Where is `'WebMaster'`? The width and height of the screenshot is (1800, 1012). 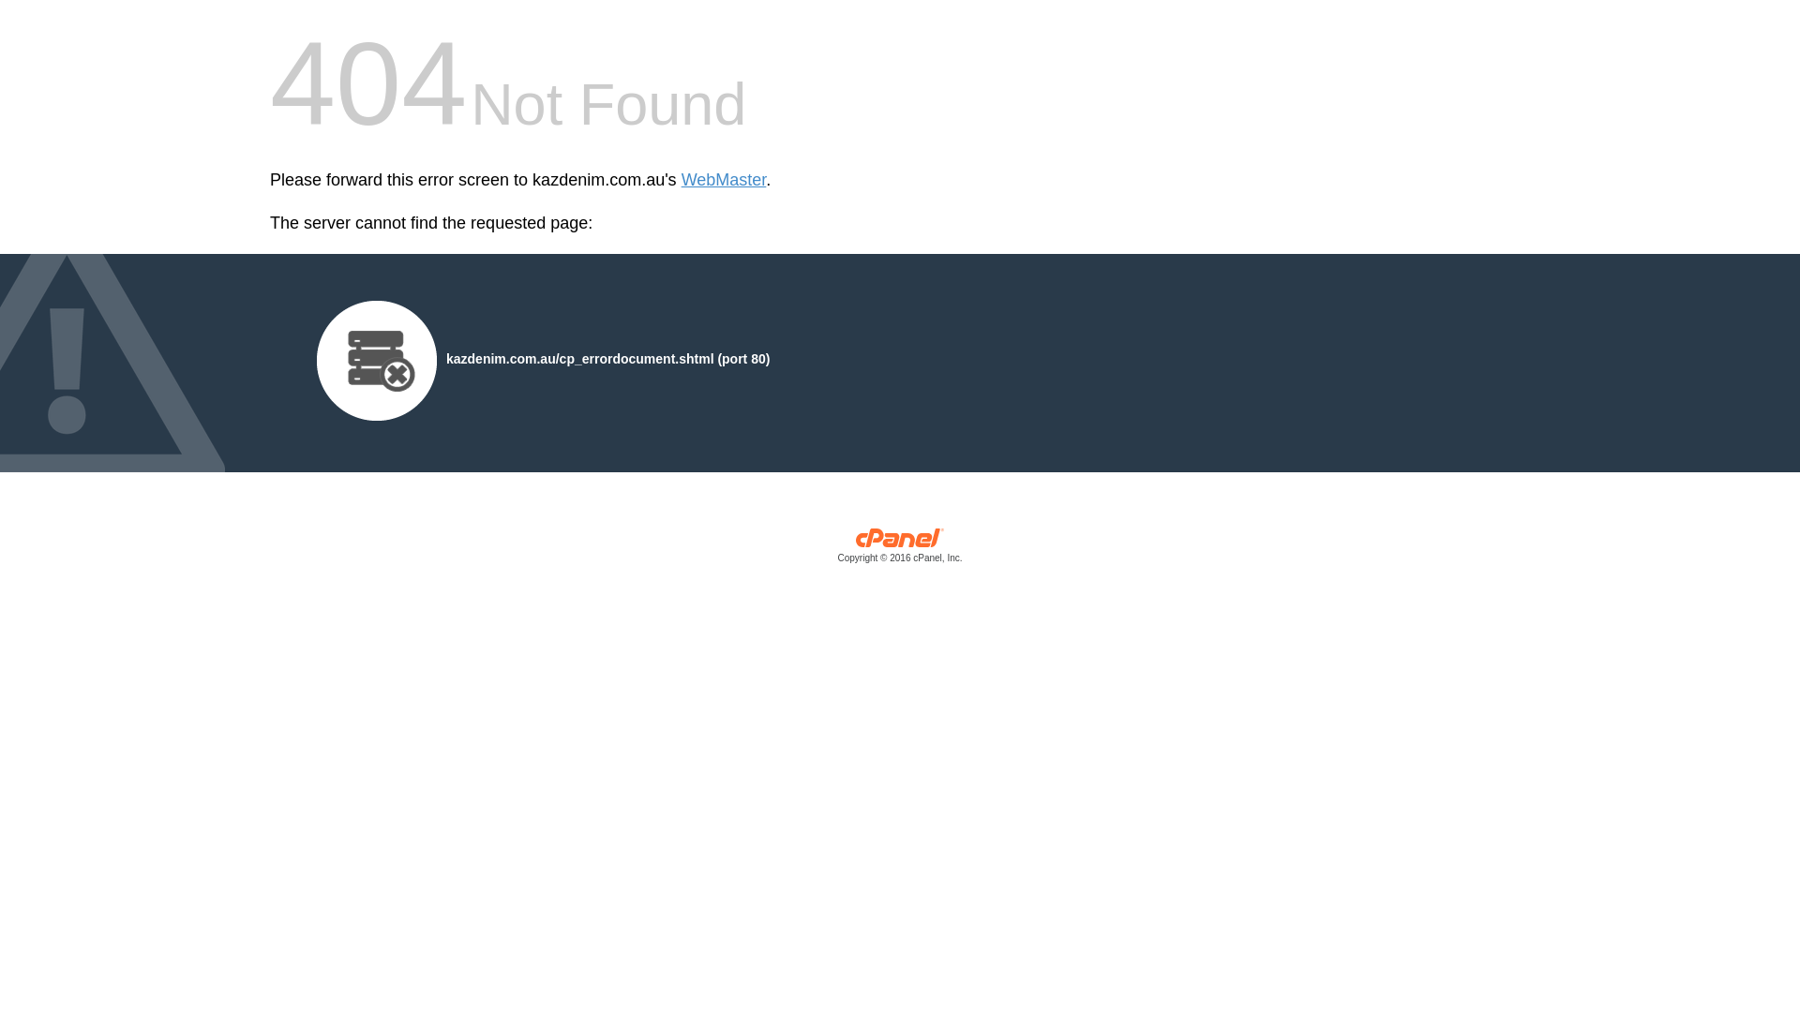
'WebMaster' is located at coordinates (723, 180).